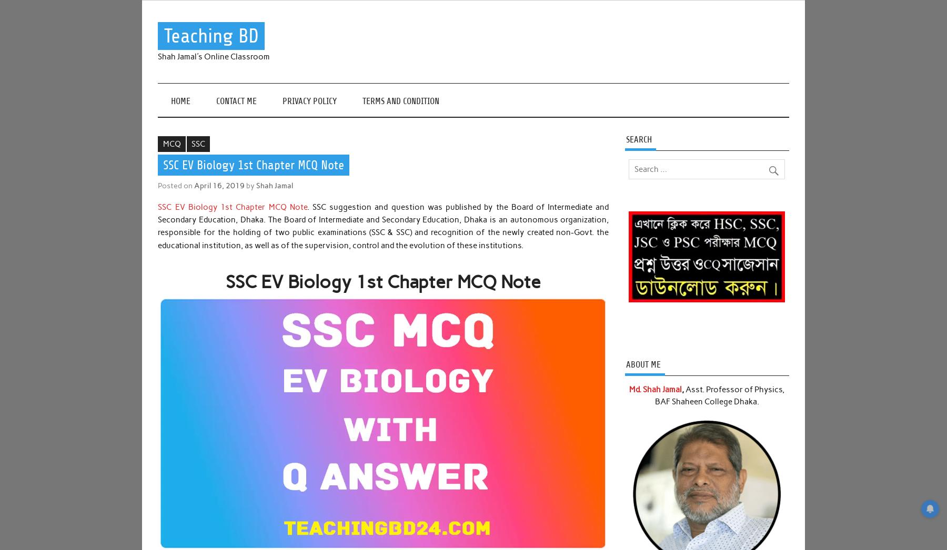 The image size is (947, 550). Describe the element at coordinates (175, 184) in the screenshot. I see `'Posted on'` at that location.